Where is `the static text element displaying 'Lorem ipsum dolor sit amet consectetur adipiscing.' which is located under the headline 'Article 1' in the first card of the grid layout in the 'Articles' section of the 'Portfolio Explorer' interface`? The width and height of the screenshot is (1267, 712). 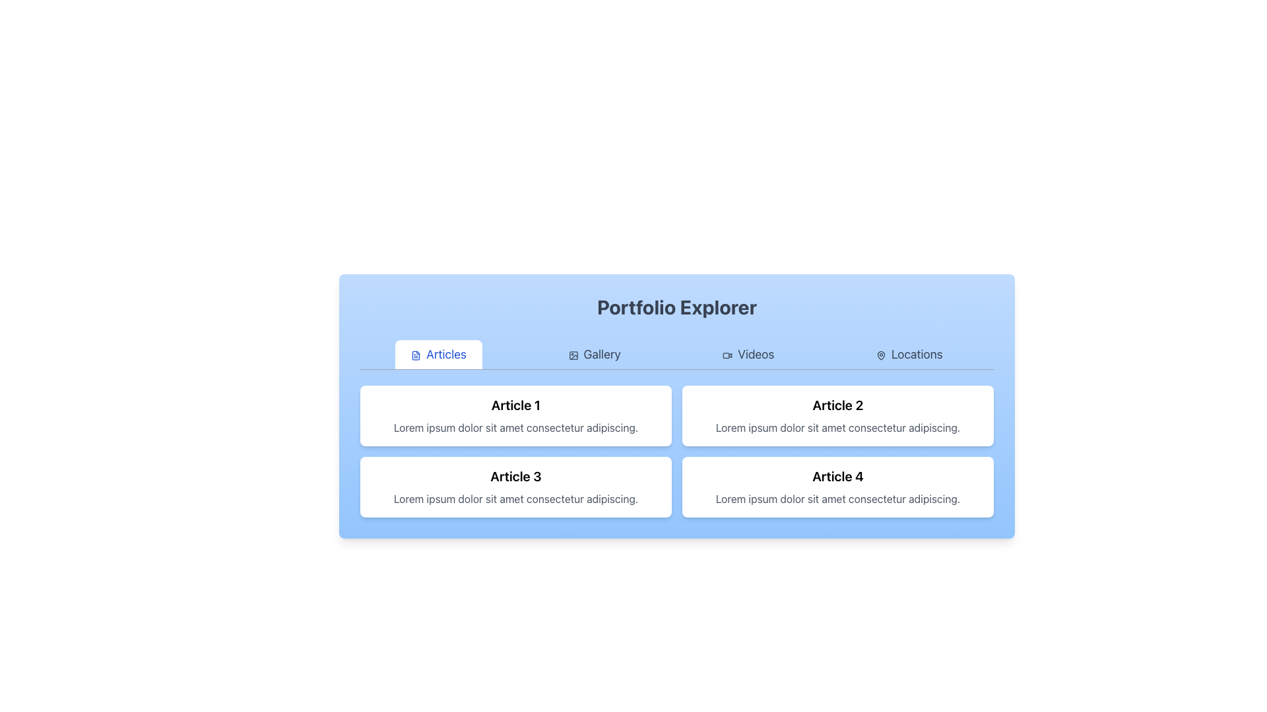 the static text element displaying 'Lorem ipsum dolor sit amet consectetur adipiscing.' which is located under the headline 'Article 1' in the first card of the grid layout in the 'Articles' section of the 'Portfolio Explorer' interface is located at coordinates (515, 427).